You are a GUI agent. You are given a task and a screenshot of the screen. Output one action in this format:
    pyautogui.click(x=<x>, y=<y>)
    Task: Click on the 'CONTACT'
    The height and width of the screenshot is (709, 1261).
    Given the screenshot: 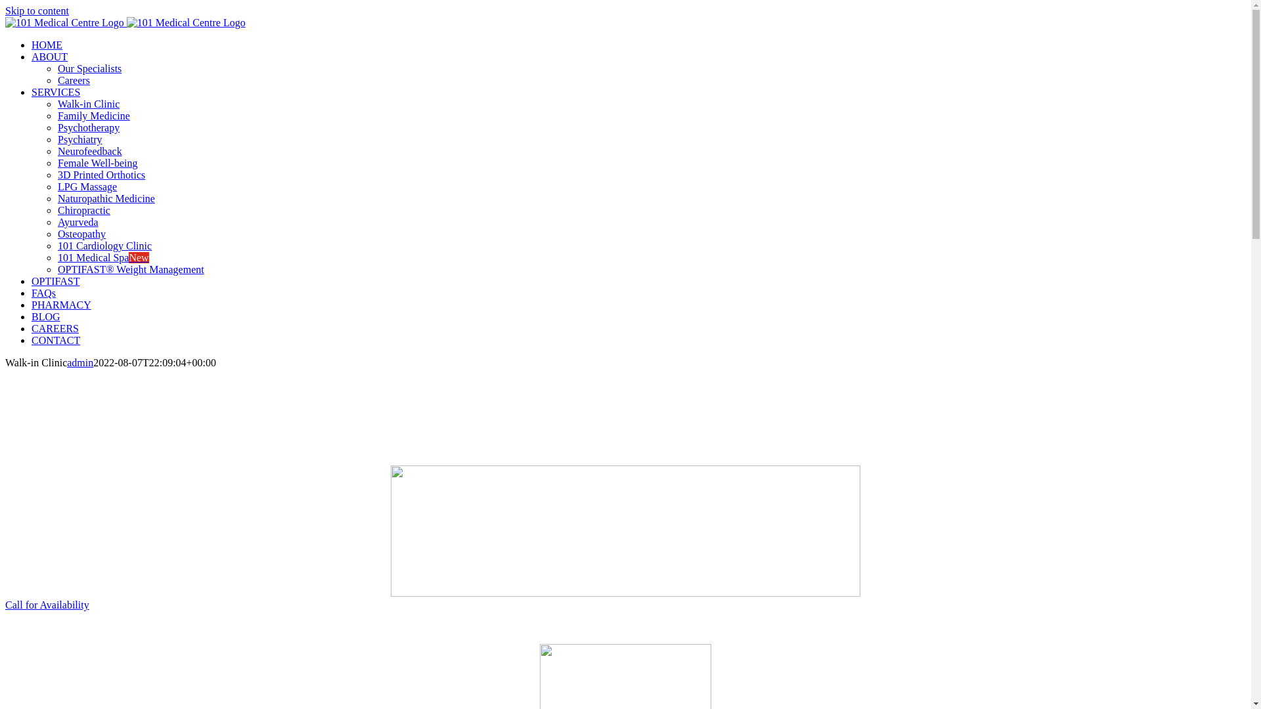 What is the action you would take?
    pyautogui.click(x=55, y=339)
    